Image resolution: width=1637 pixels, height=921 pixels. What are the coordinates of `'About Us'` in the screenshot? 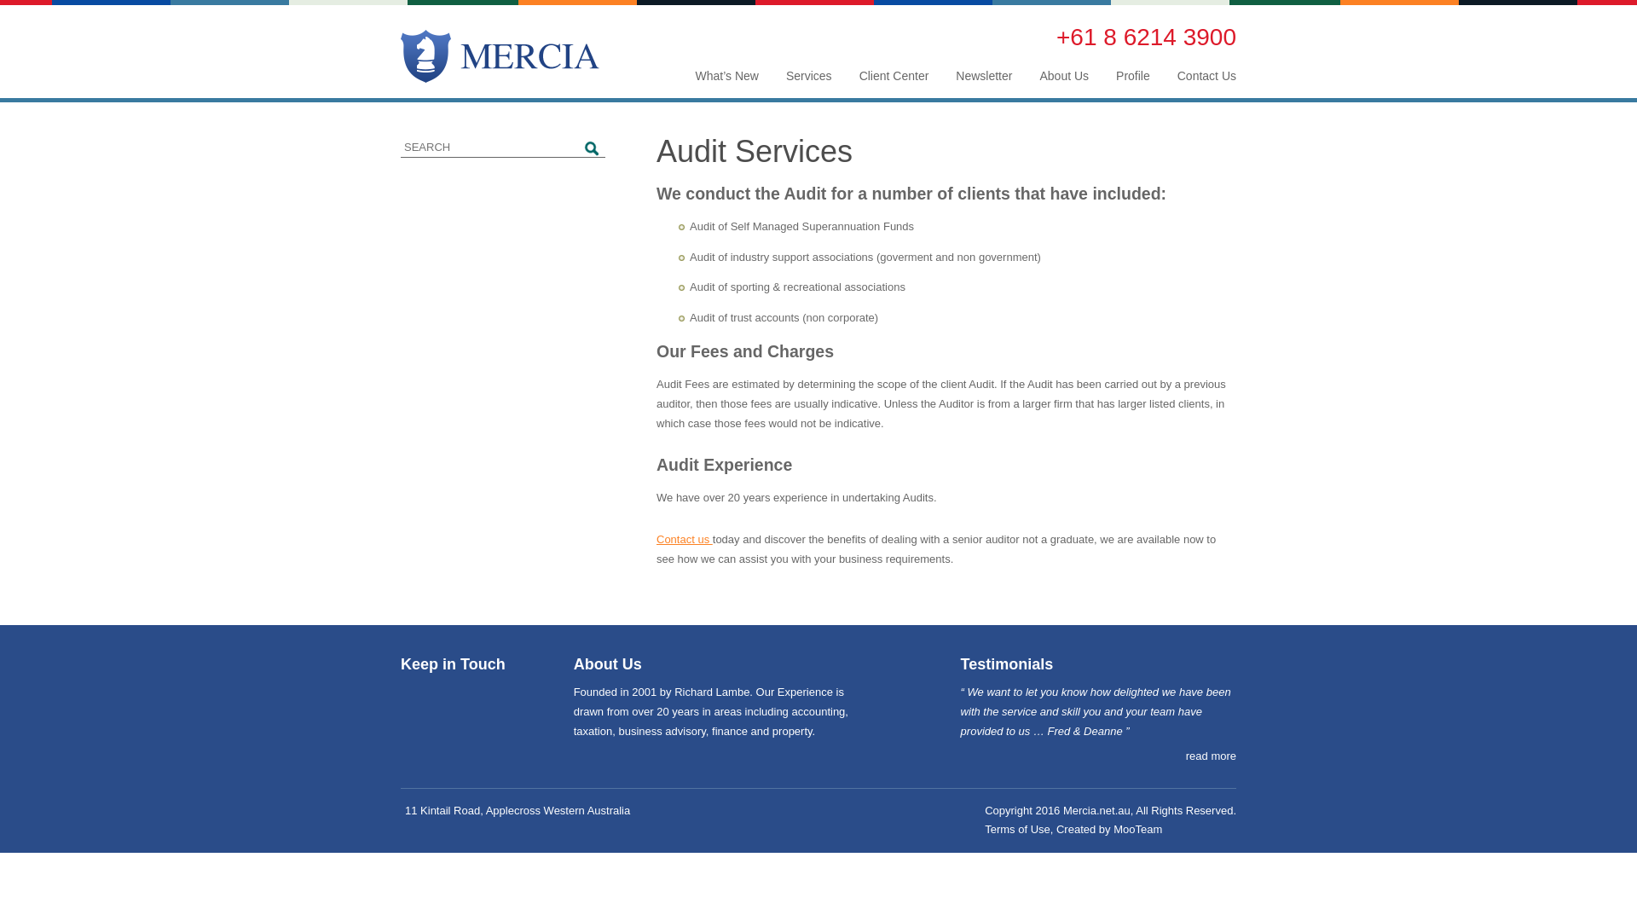 It's located at (1063, 74).